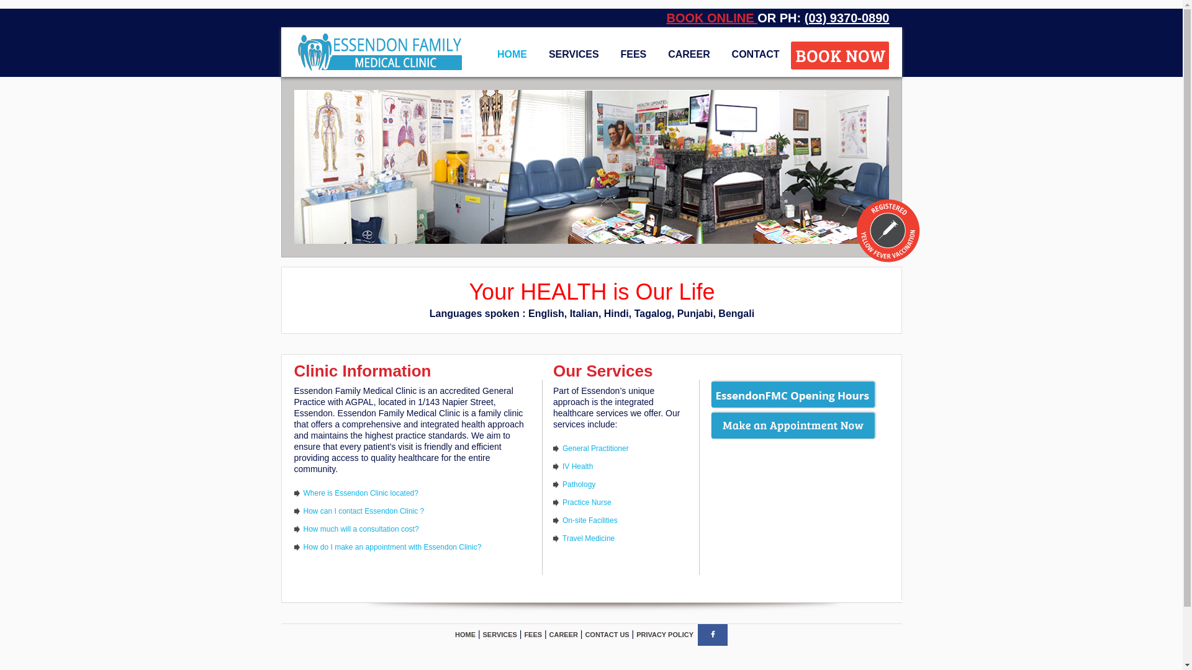  What do you see at coordinates (500, 634) in the screenshot?
I see `'SERVICES'` at bounding box center [500, 634].